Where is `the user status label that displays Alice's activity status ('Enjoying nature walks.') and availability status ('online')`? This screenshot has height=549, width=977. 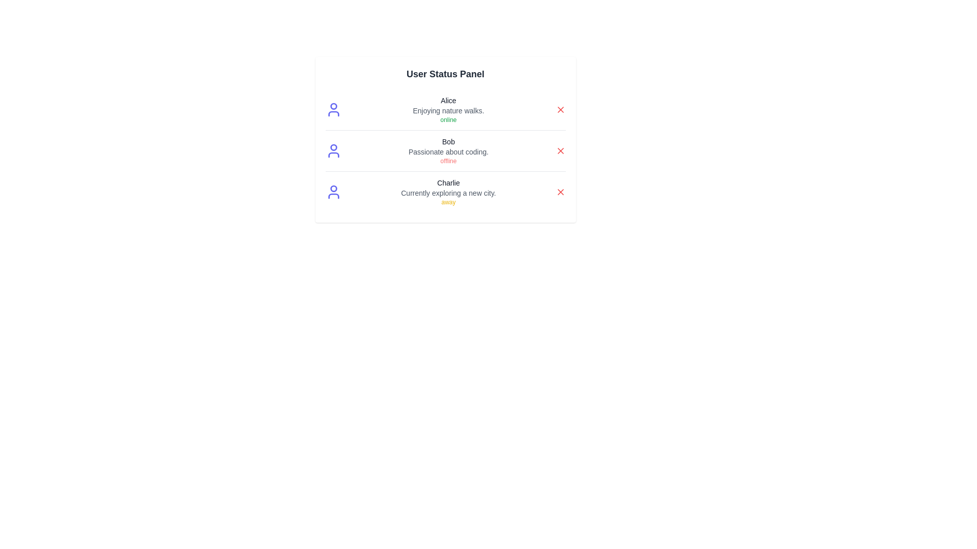
the user status label that displays Alice's activity status ('Enjoying nature walks.') and availability status ('online') is located at coordinates (448, 110).